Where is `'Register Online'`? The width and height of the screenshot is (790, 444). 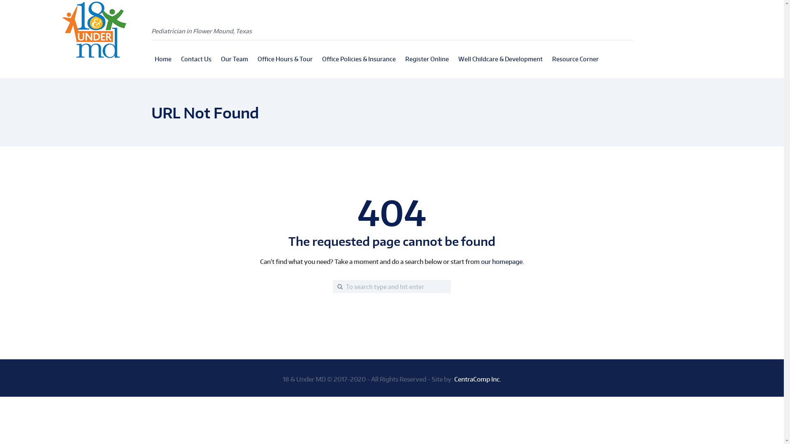
'Register Online' is located at coordinates (426, 58).